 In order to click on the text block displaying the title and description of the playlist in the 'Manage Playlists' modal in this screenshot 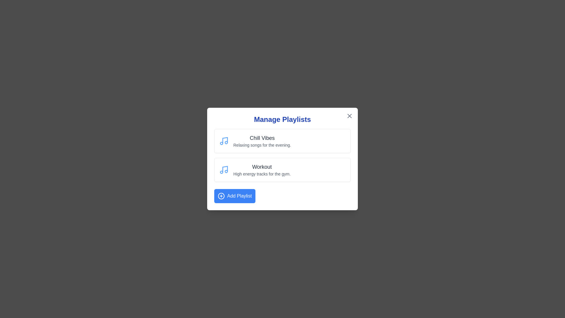, I will do `click(262, 141)`.